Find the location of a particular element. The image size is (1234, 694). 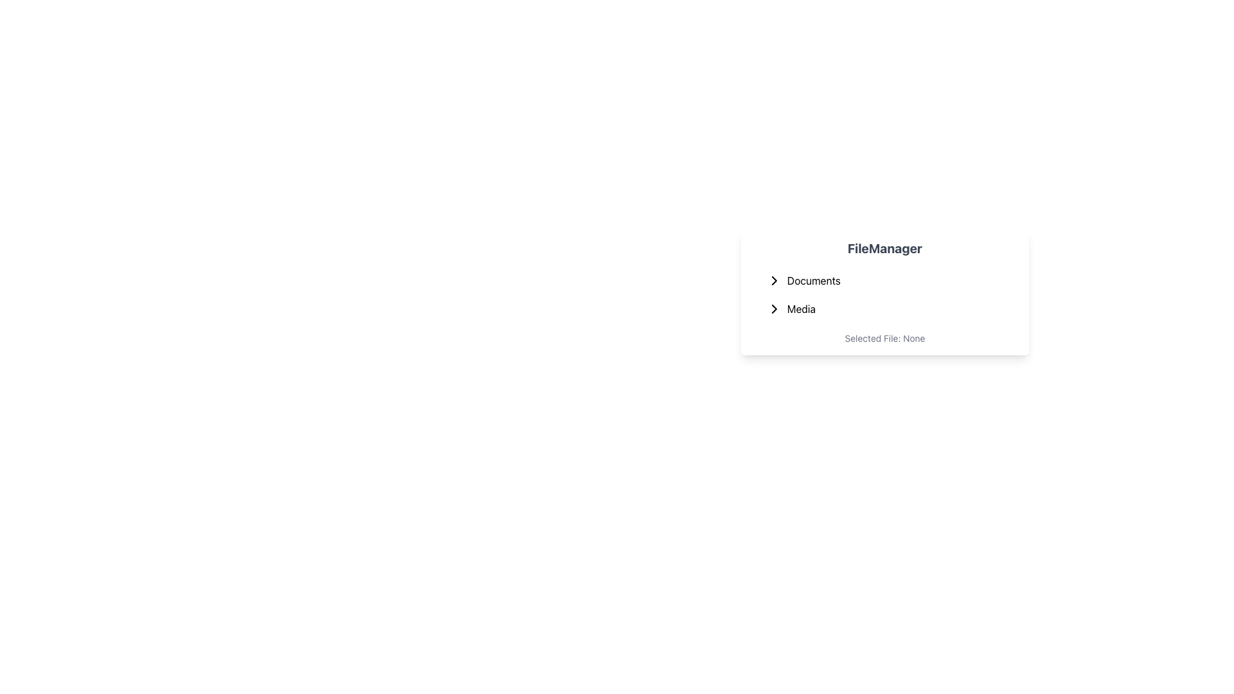

the right-pointing chevron arrow icon located to the left of the 'Media' label is located at coordinates (773, 309).